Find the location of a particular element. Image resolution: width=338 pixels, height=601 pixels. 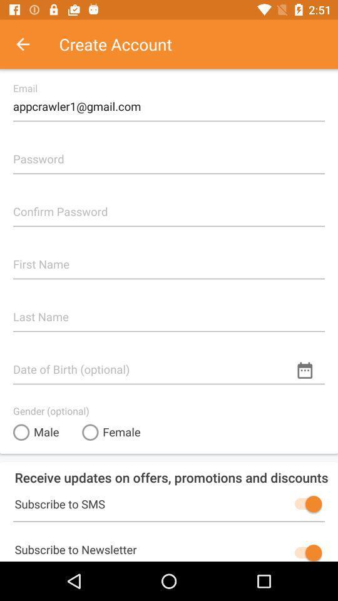

item above receive updates on item is located at coordinates (36, 432).